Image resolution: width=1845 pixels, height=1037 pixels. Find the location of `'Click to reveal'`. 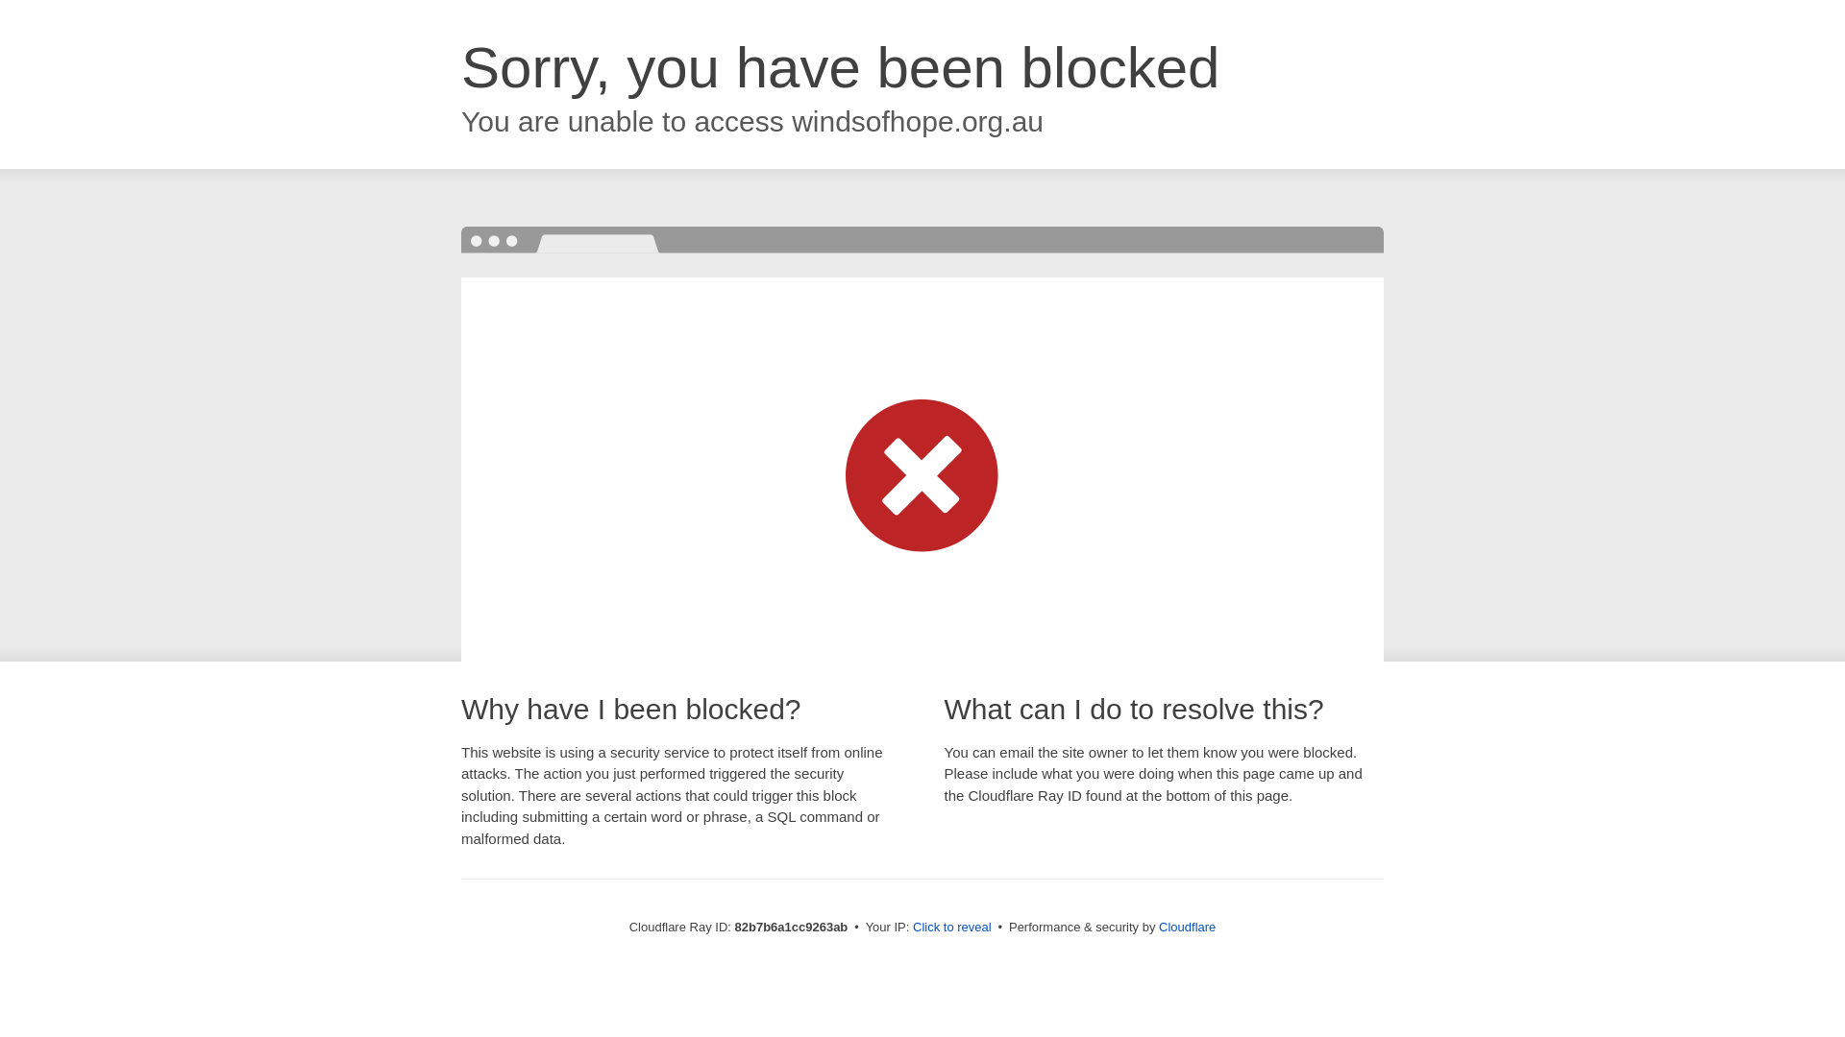

'Click to reveal' is located at coordinates (951, 926).